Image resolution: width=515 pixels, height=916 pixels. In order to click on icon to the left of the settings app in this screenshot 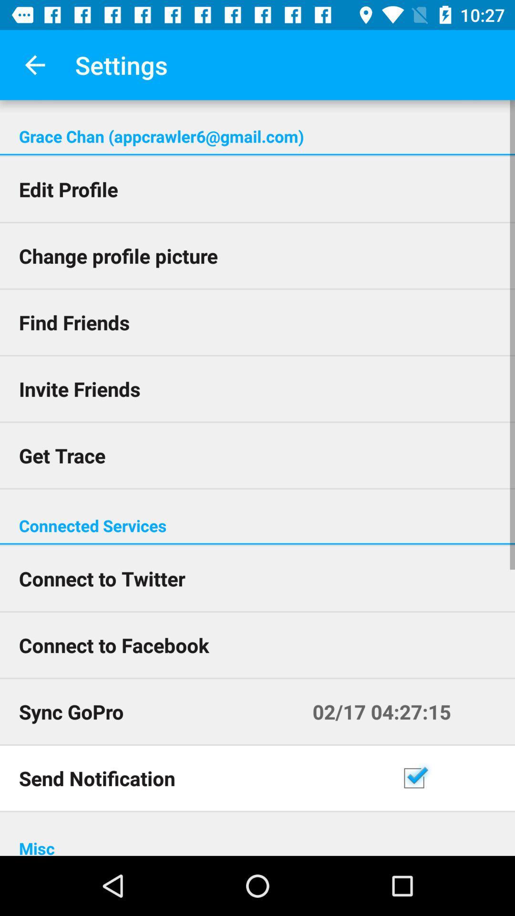, I will do `click(34, 64)`.